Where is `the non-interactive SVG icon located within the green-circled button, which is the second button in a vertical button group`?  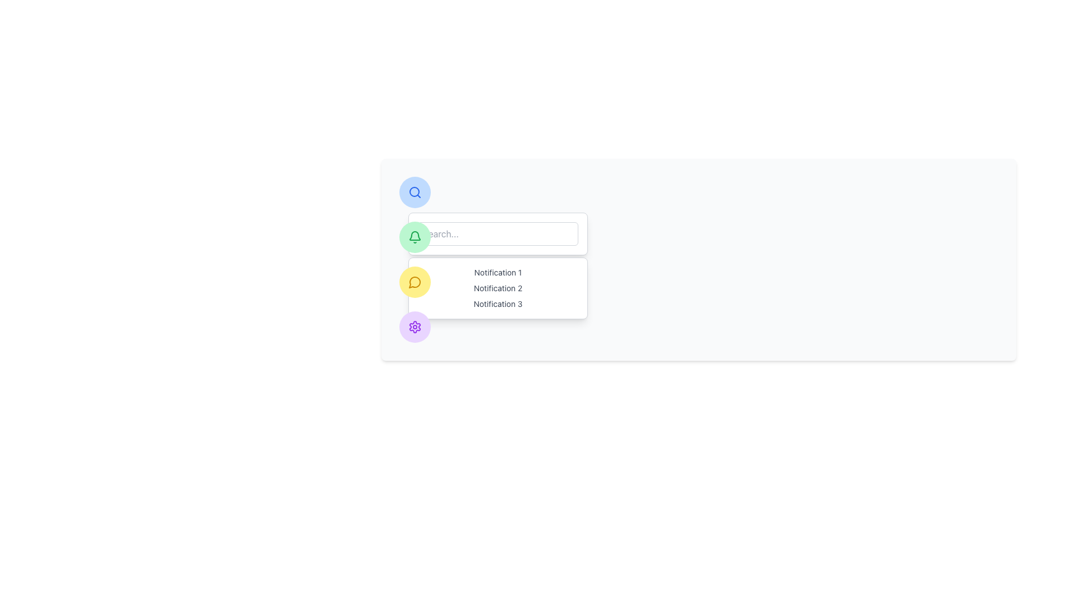 the non-interactive SVG icon located within the green-circled button, which is the second button in a vertical button group is located at coordinates (414, 282).